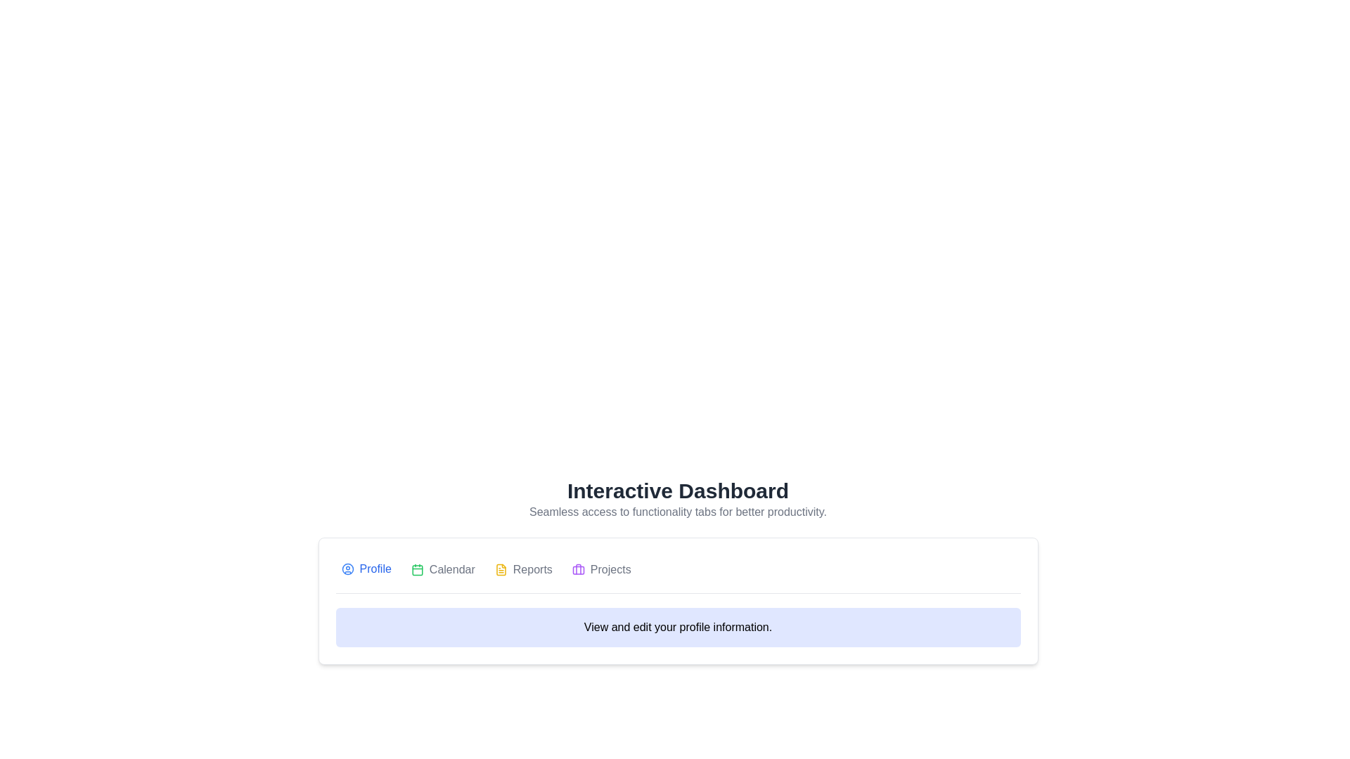  I want to click on the 'Reports' text label in the navigation menu, which is the fourth item from the left and is styled in gray, located between 'Calendar' and 'Projects', so click(532, 569).